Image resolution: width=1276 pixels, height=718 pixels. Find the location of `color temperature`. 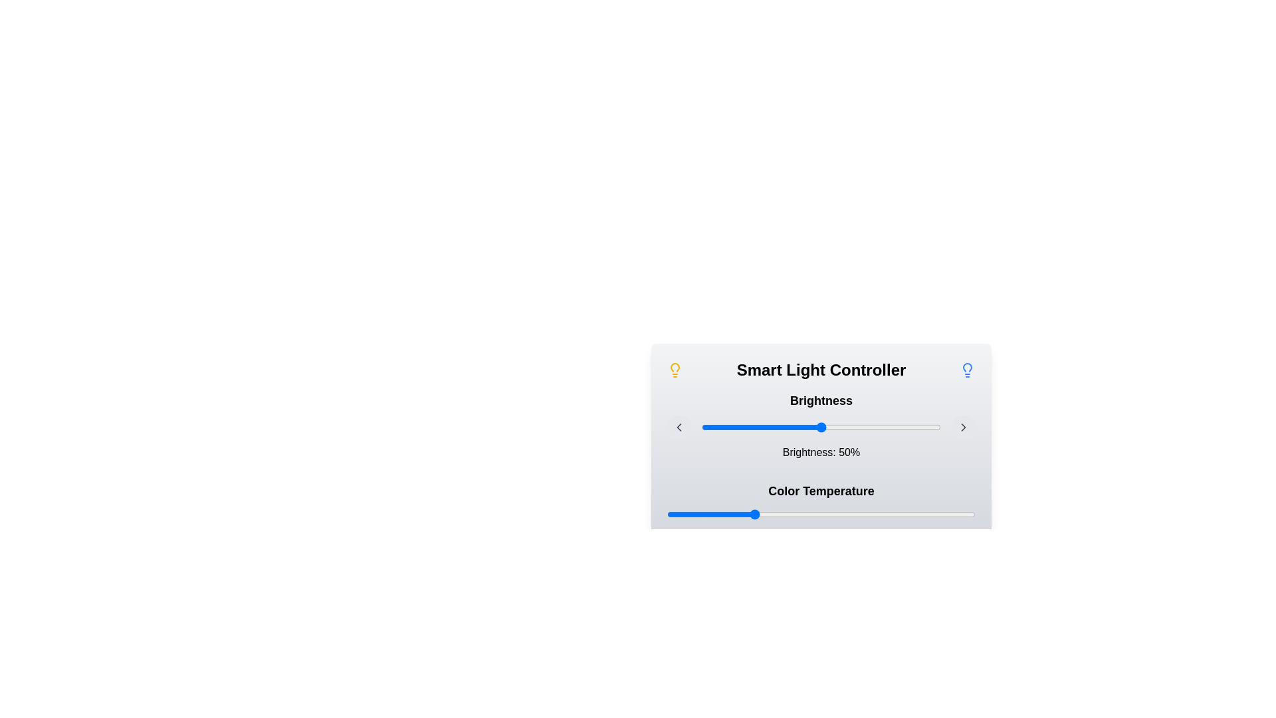

color temperature is located at coordinates (897, 514).